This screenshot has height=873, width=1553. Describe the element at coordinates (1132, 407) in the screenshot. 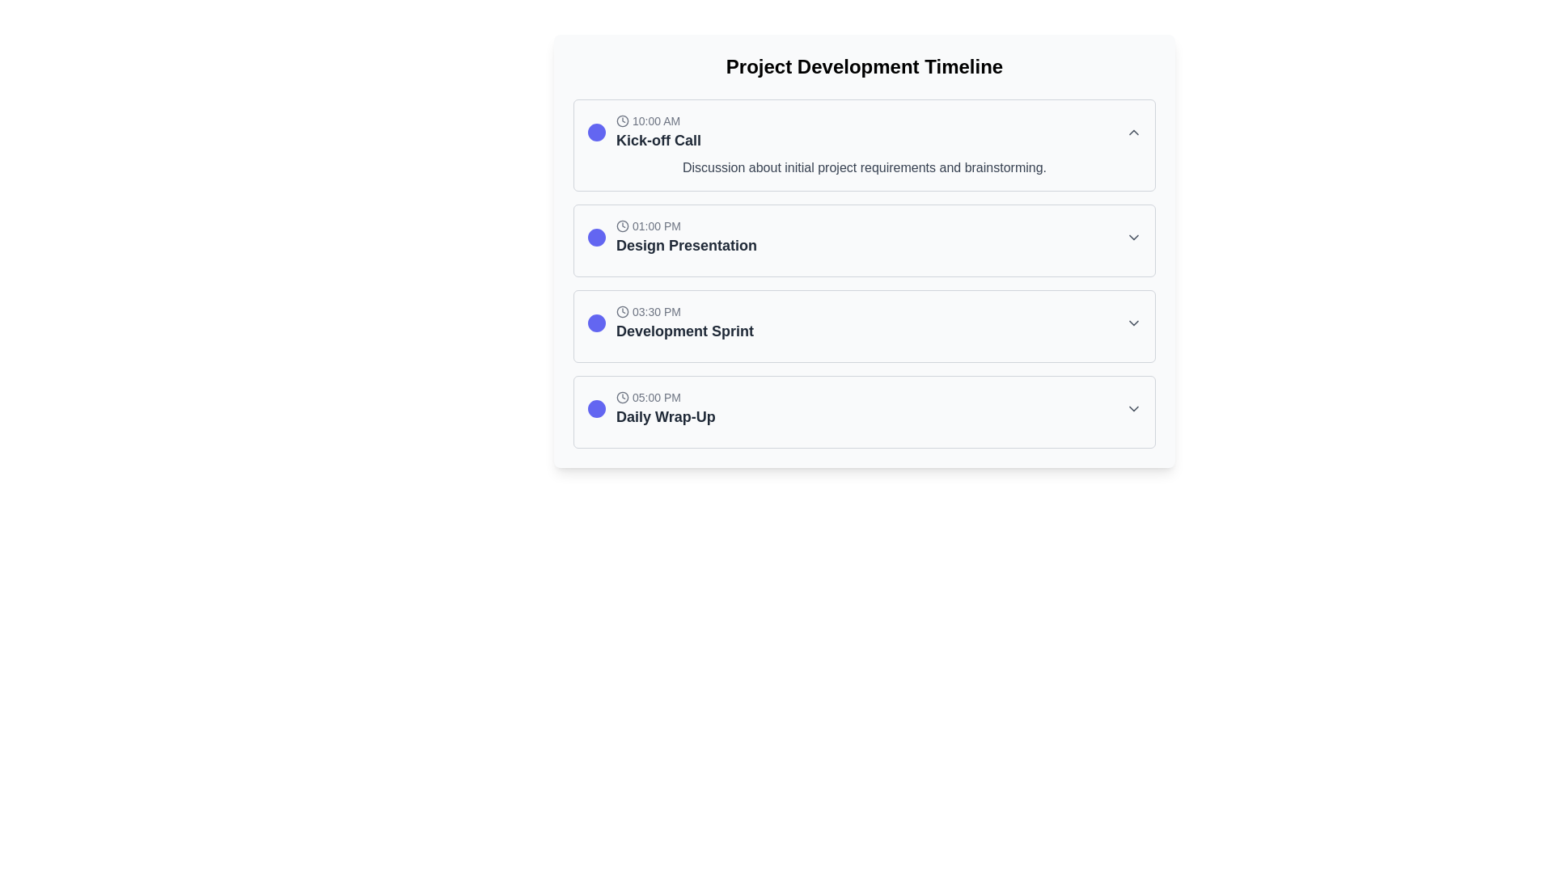

I see `the Chevron Icon located at the far right of the 'Daily Wrap-Up' timeline item` at that location.